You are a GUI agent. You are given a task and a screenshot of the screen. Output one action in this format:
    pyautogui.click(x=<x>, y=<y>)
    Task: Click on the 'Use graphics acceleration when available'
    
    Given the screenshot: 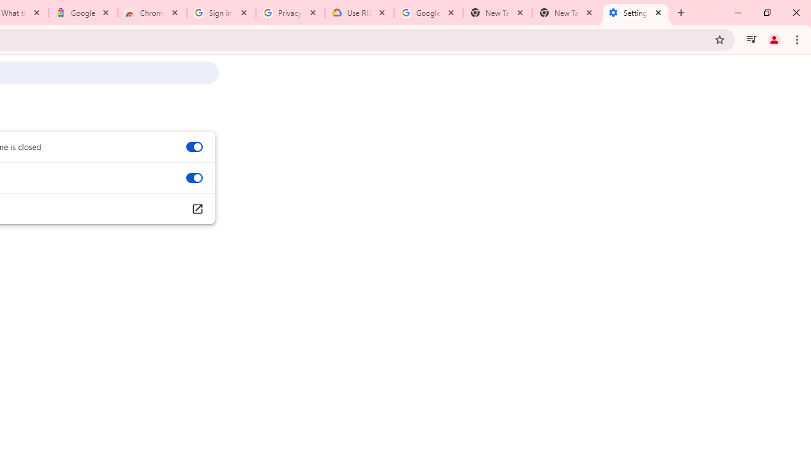 What is the action you would take?
    pyautogui.click(x=193, y=178)
    